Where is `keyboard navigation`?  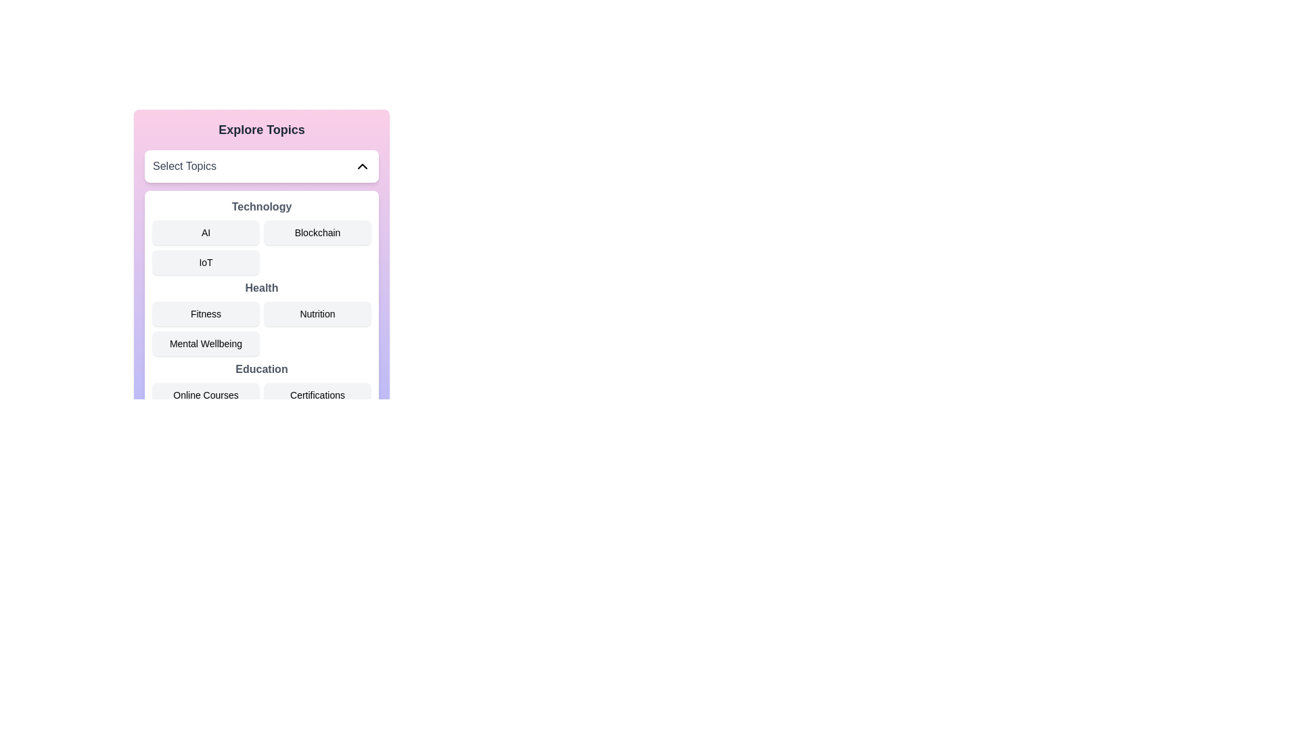
keyboard navigation is located at coordinates (205, 395).